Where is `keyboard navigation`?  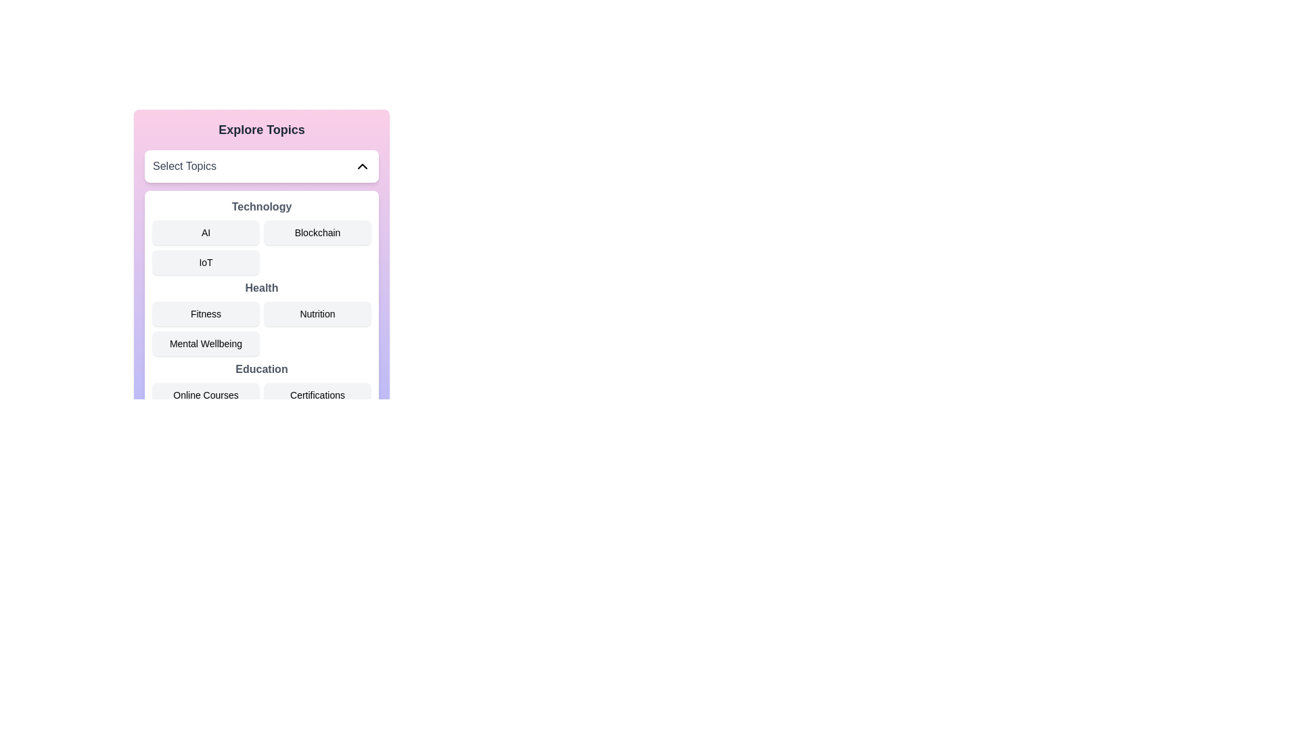
keyboard navigation is located at coordinates (205, 395).